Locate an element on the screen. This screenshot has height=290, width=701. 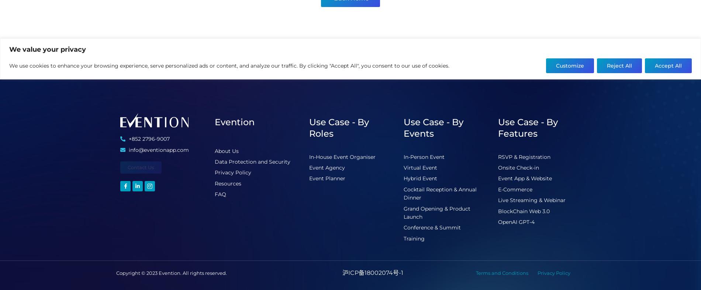
'Virtual Event' is located at coordinates (404, 167).